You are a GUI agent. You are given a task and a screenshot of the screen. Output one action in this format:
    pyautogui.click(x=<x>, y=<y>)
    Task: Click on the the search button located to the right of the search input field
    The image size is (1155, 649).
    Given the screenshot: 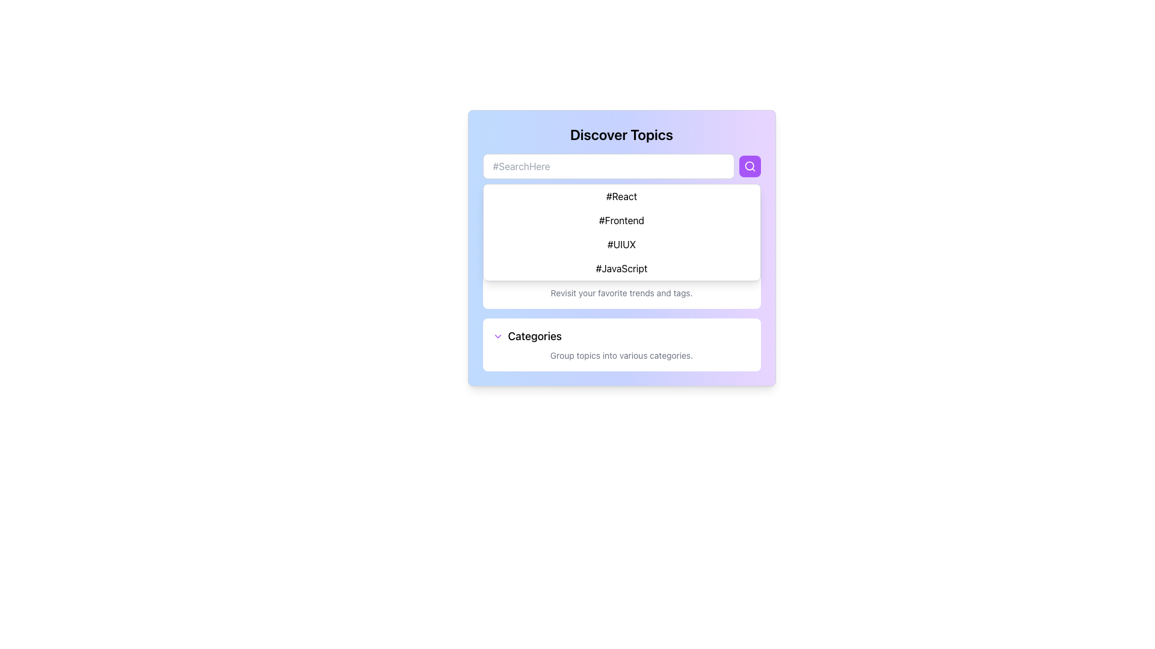 What is the action you would take?
    pyautogui.click(x=749, y=166)
    